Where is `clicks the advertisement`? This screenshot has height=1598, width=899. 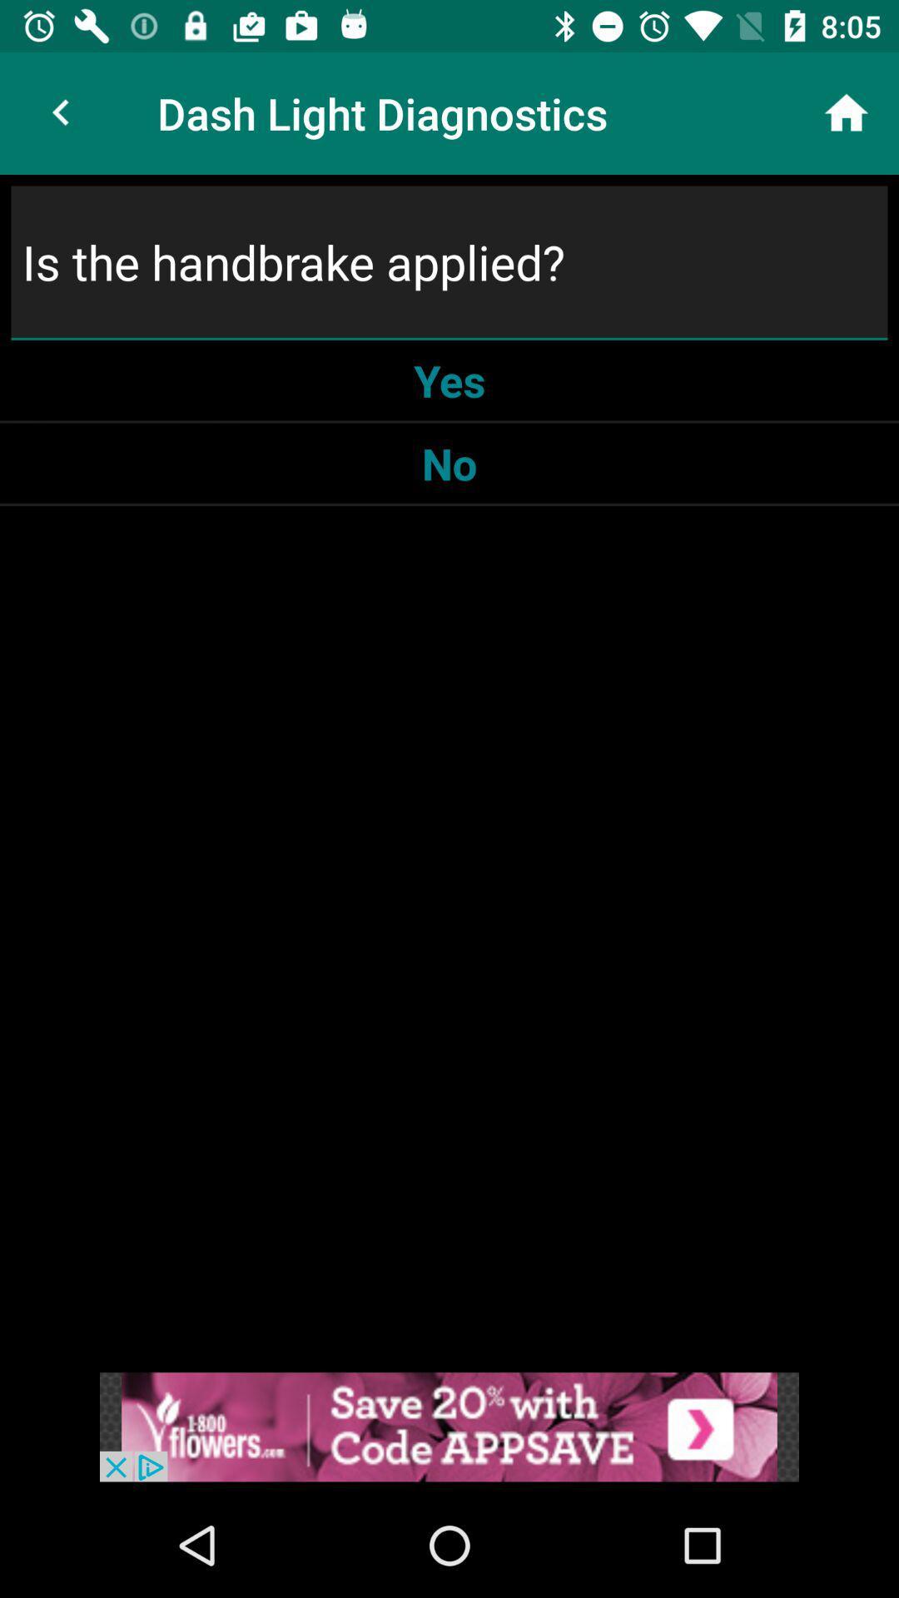
clicks the advertisement is located at coordinates (449, 1426).